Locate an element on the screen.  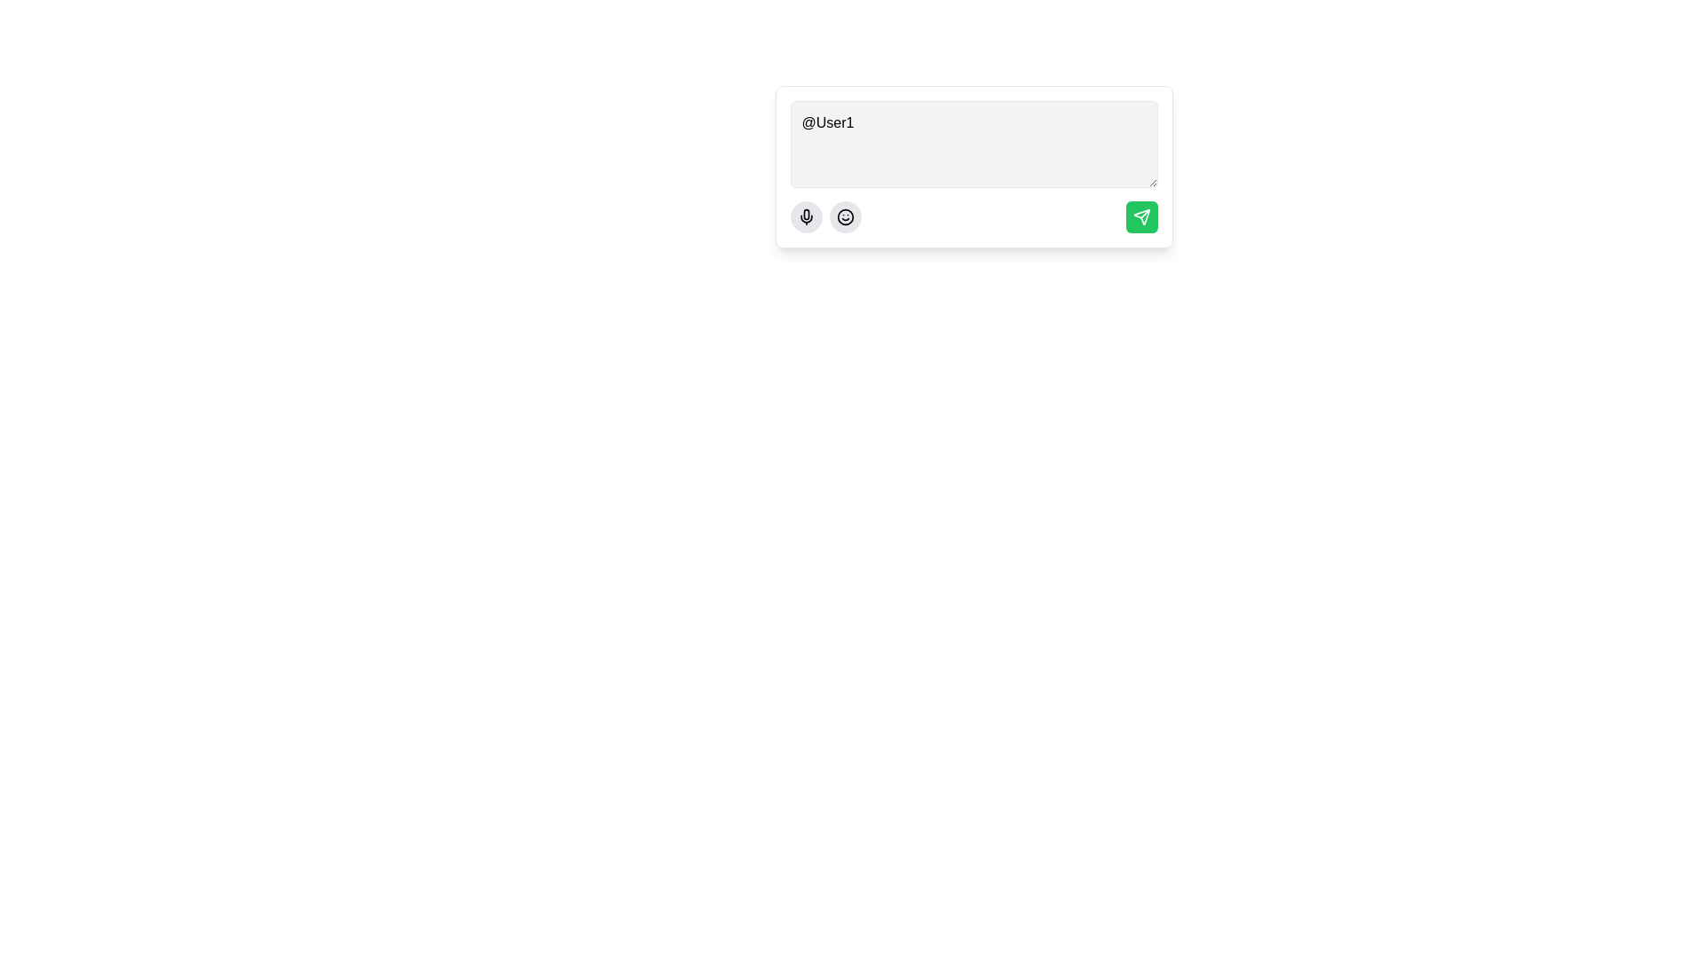
the diagonal line of the 'Send' action button icon, which is part of a green rounded button located at the bottom-right corner of the interface is located at coordinates (1145, 213).